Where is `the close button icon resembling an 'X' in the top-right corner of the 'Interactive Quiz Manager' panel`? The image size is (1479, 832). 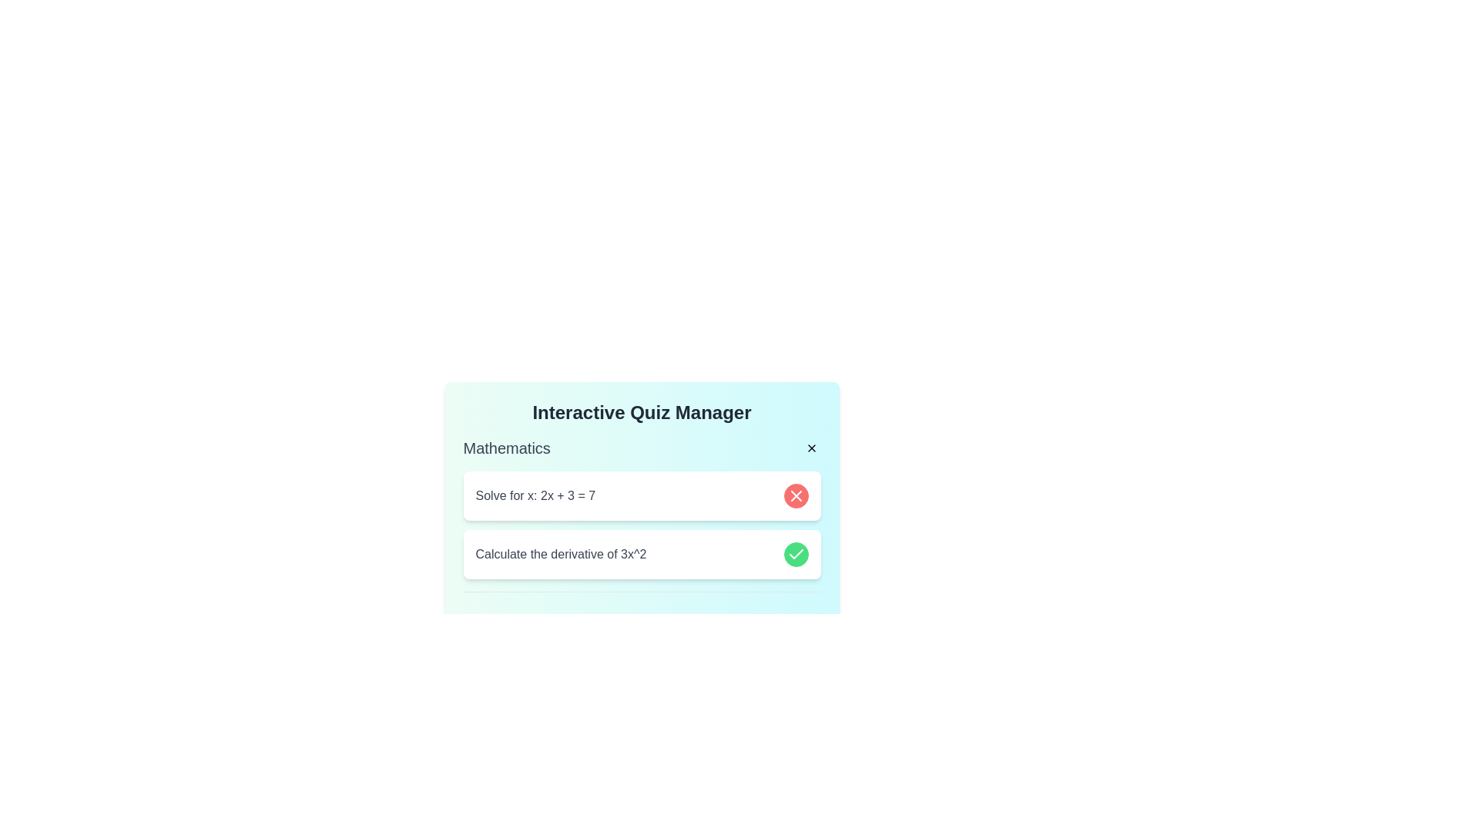 the close button icon resembling an 'X' in the top-right corner of the 'Interactive Quiz Manager' panel is located at coordinates (810, 448).